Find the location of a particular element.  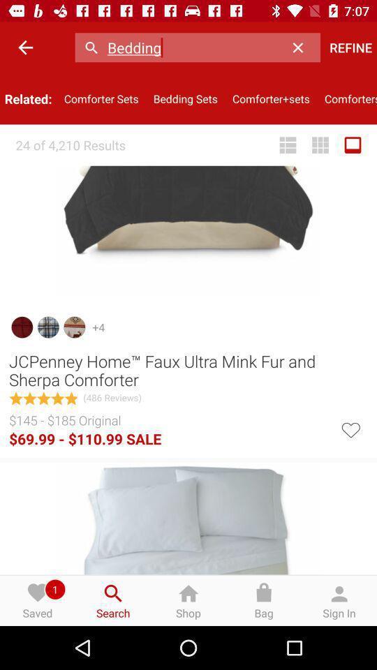

item below the comforters item is located at coordinates (352, 145).